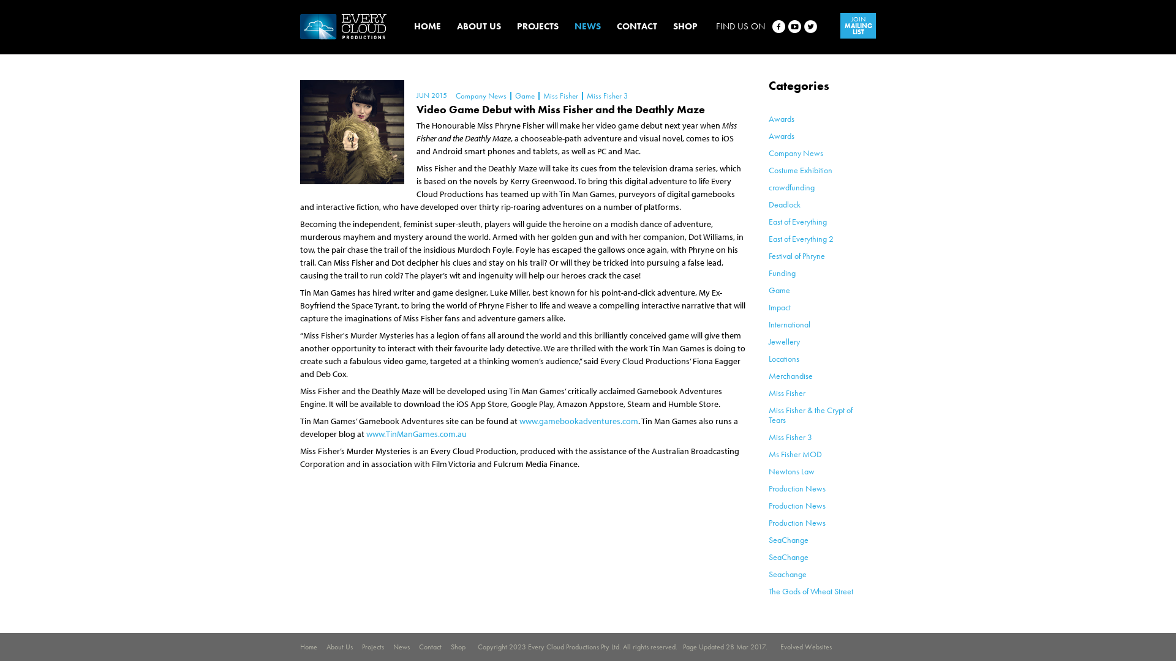  Describe the element at coordinates (578, 420) in the screenshot. I see `'www.gamebookadventures.com'` at that location.